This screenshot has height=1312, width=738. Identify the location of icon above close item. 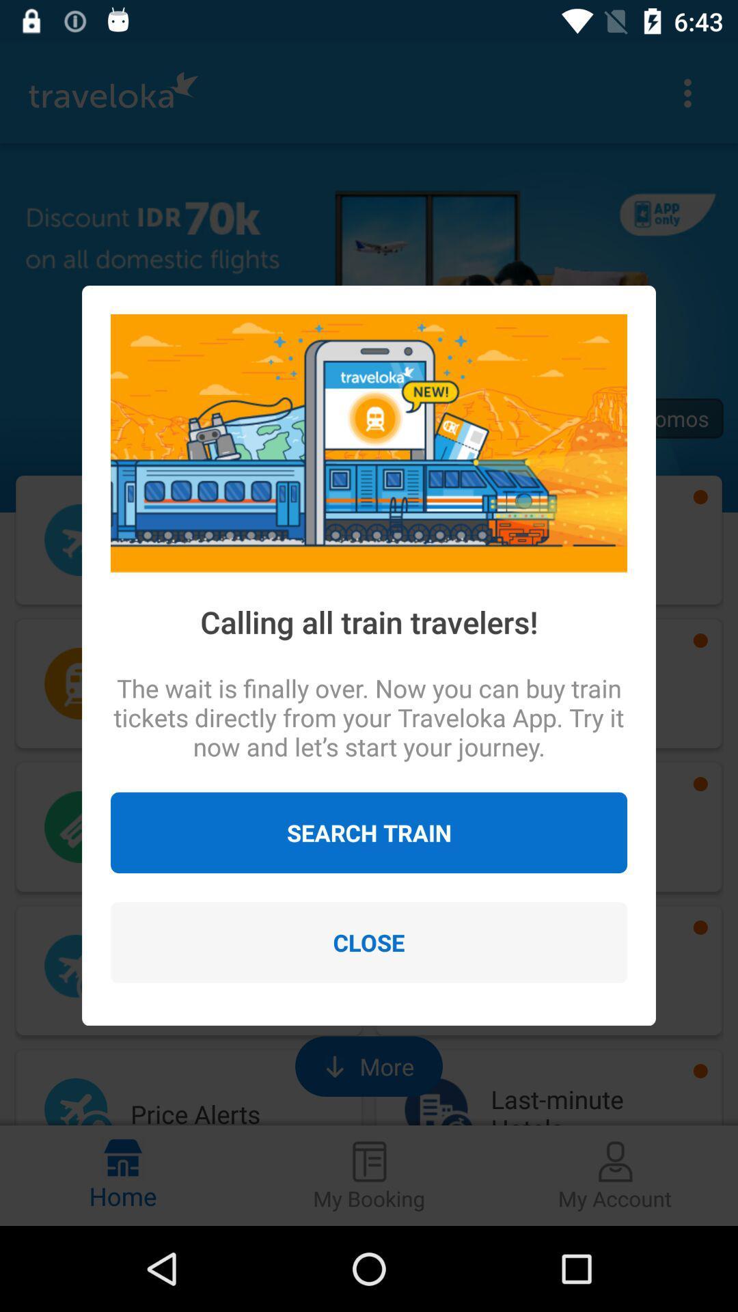
(369, 832).